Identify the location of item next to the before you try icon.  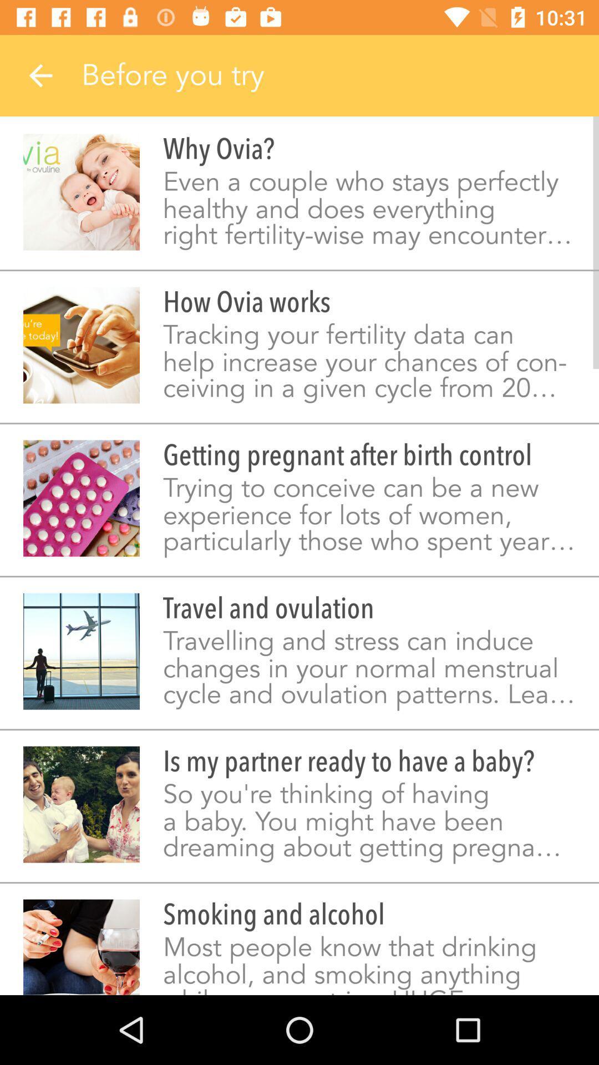
(40, 75).